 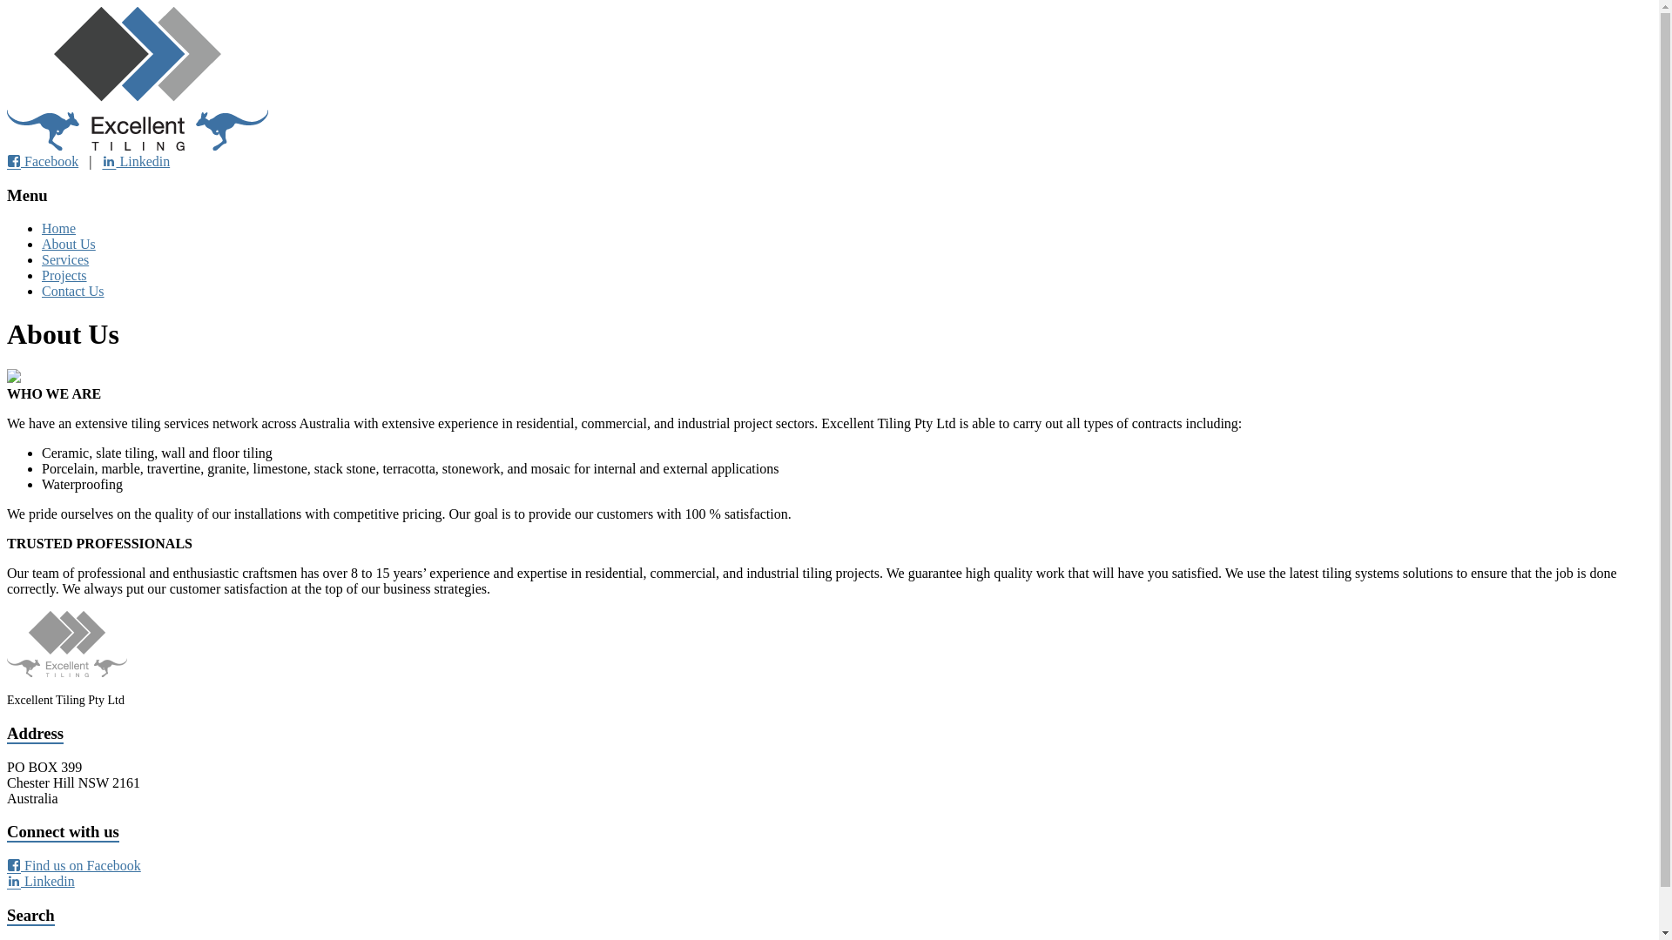 I want to click on 'About Us', so click(x=68, y=244).